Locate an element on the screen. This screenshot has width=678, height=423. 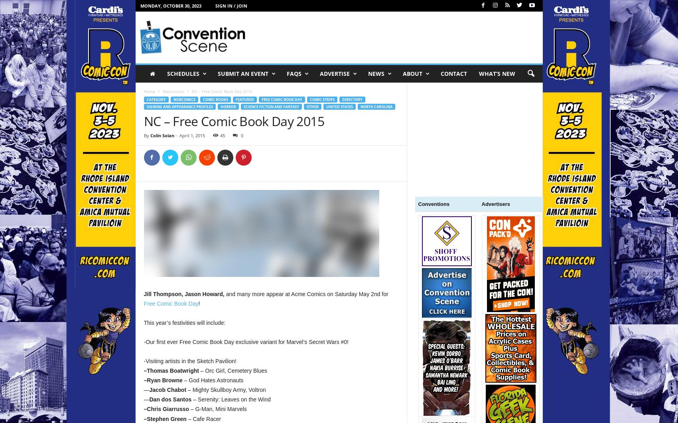
'Sign in / Join' is located at coordinates (231, 6).